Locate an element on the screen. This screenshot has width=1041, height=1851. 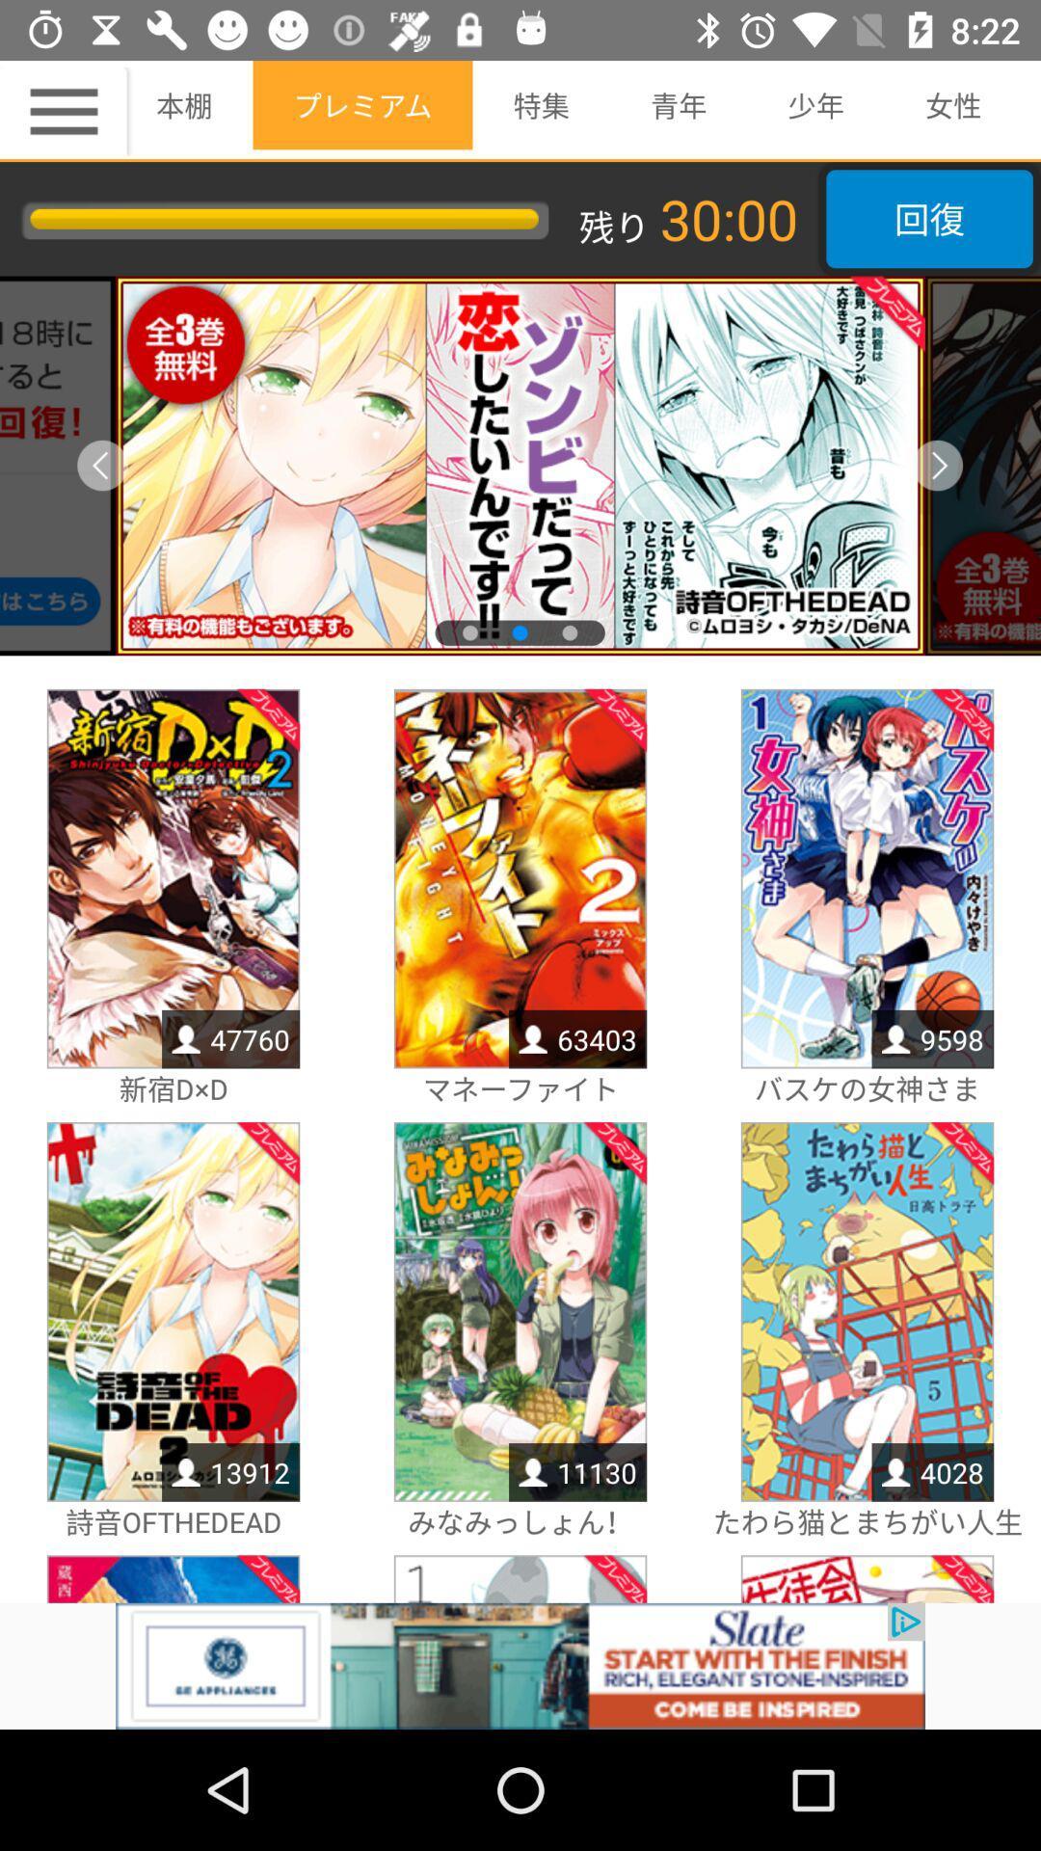
the menu icon is located at coordinates (66, 110).